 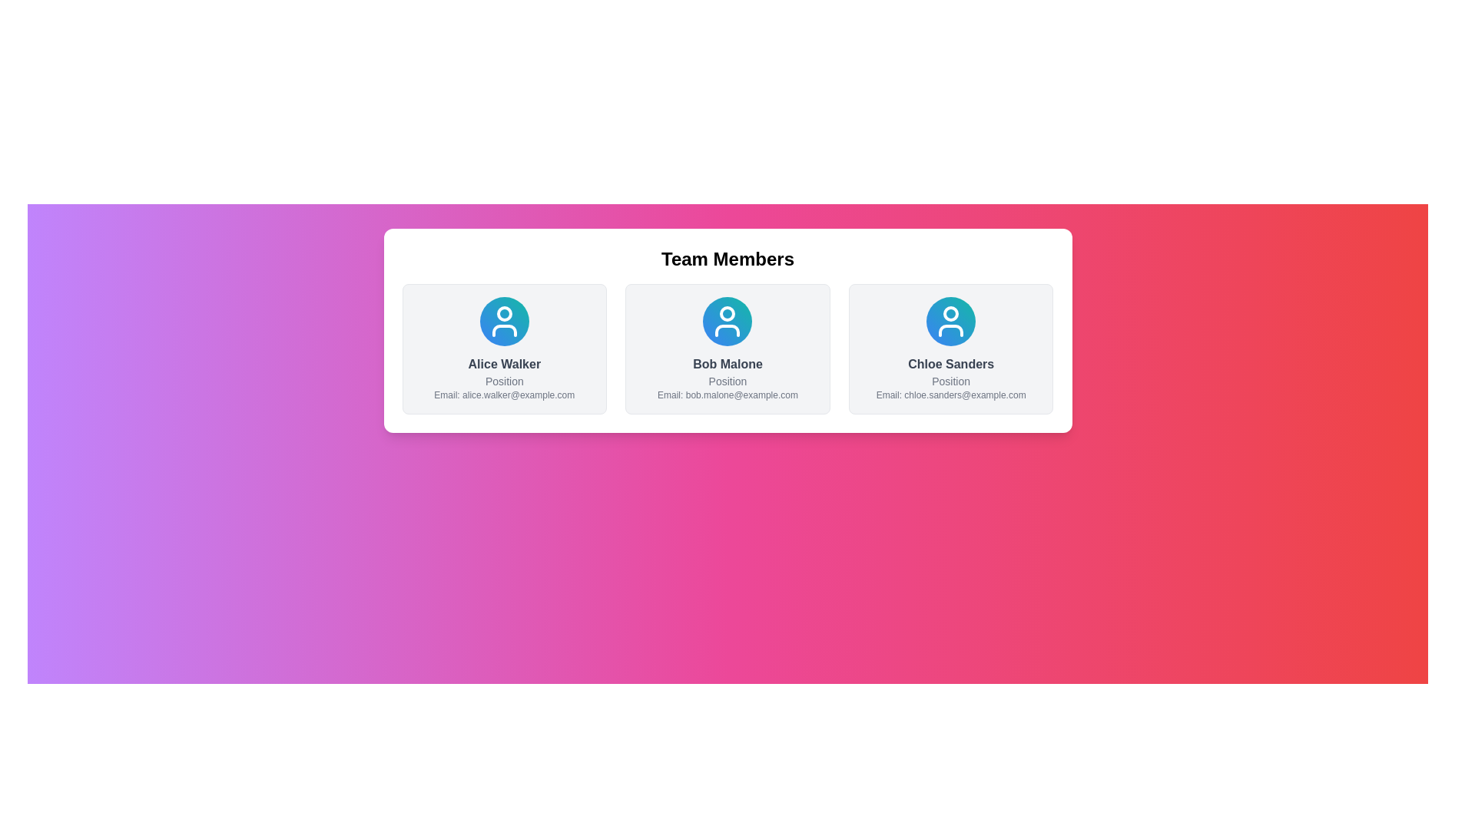 I want to click on the text label displaying 'Chloe Sanders' in bold, gray font, located at the lower center of the rightmost profile card, so click(x=950, y=364).